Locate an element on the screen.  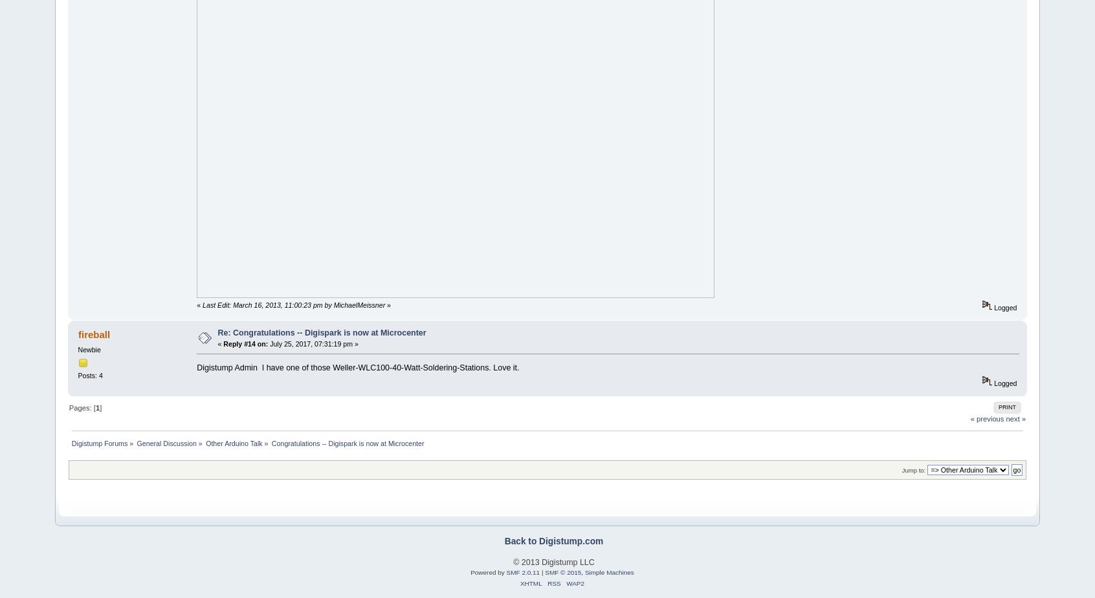
'Other Arduino Talk' is located at coordinates (205, 442).